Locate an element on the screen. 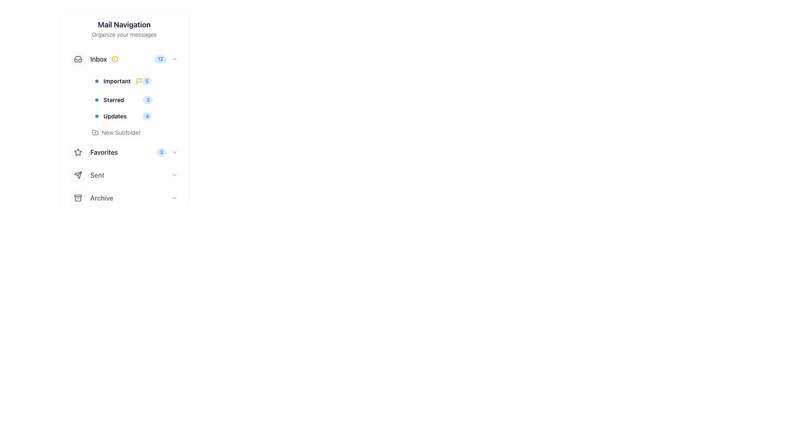 This screenshot has height=441, width=785. the number displayed on the badge indicating items or notifications related to the 'Starred' category, located in the left sidebar navigation adjacent to the 'Starred' label is located at coordinates (148, 100).